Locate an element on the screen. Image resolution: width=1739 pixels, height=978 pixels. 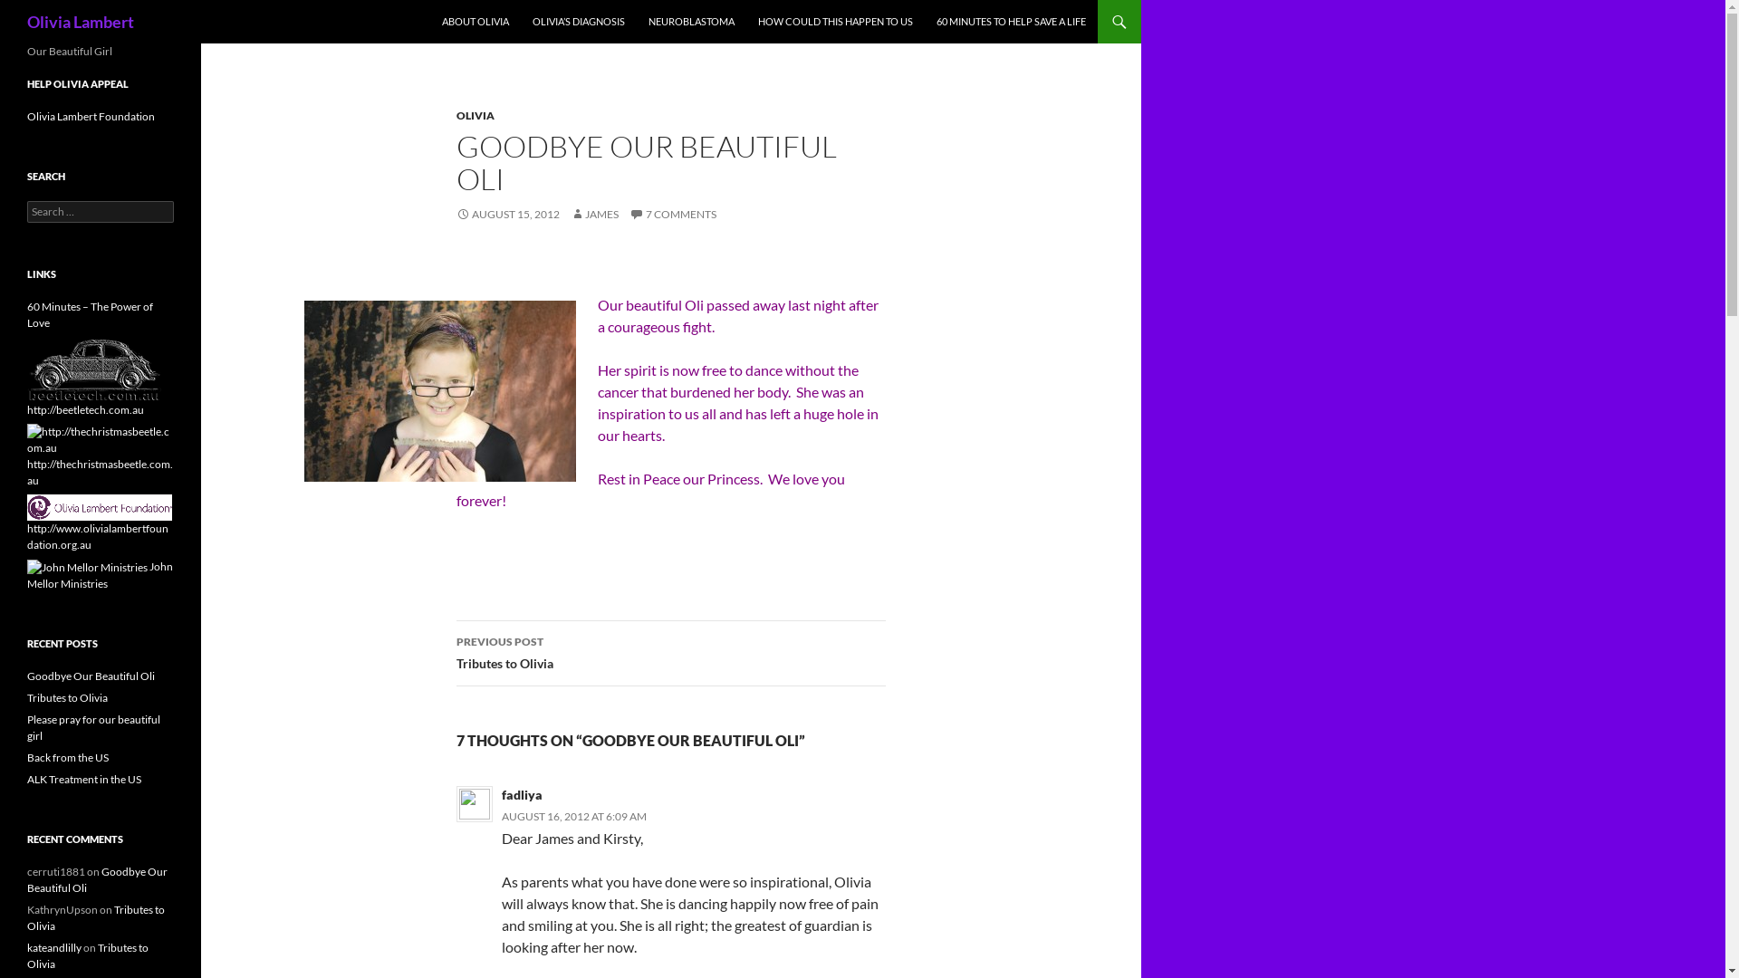
'http://beetletech.com.au' is located at coordinates (94, 388).